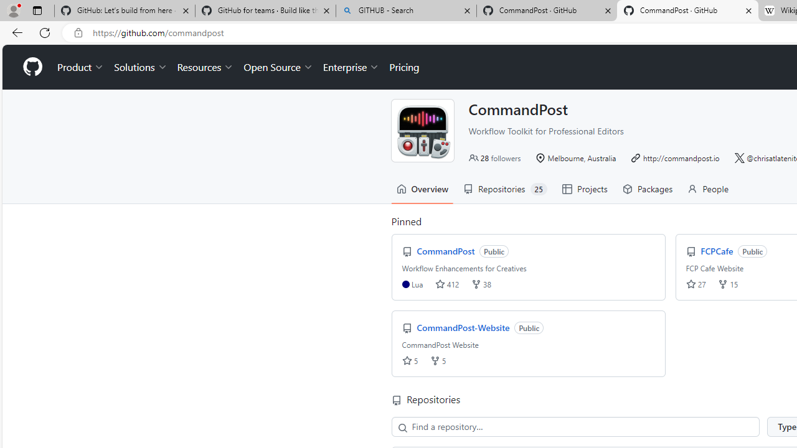  I want to click on 'Overview', so click(423, 189).